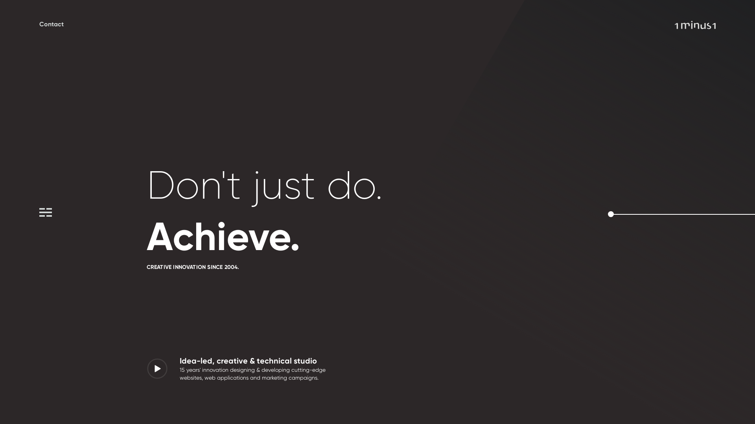 The image size is (755, 424). What do you see at coordinates (51, 24) in the screenshot?
I see `'Contact'` at bounding box center [51, 24].